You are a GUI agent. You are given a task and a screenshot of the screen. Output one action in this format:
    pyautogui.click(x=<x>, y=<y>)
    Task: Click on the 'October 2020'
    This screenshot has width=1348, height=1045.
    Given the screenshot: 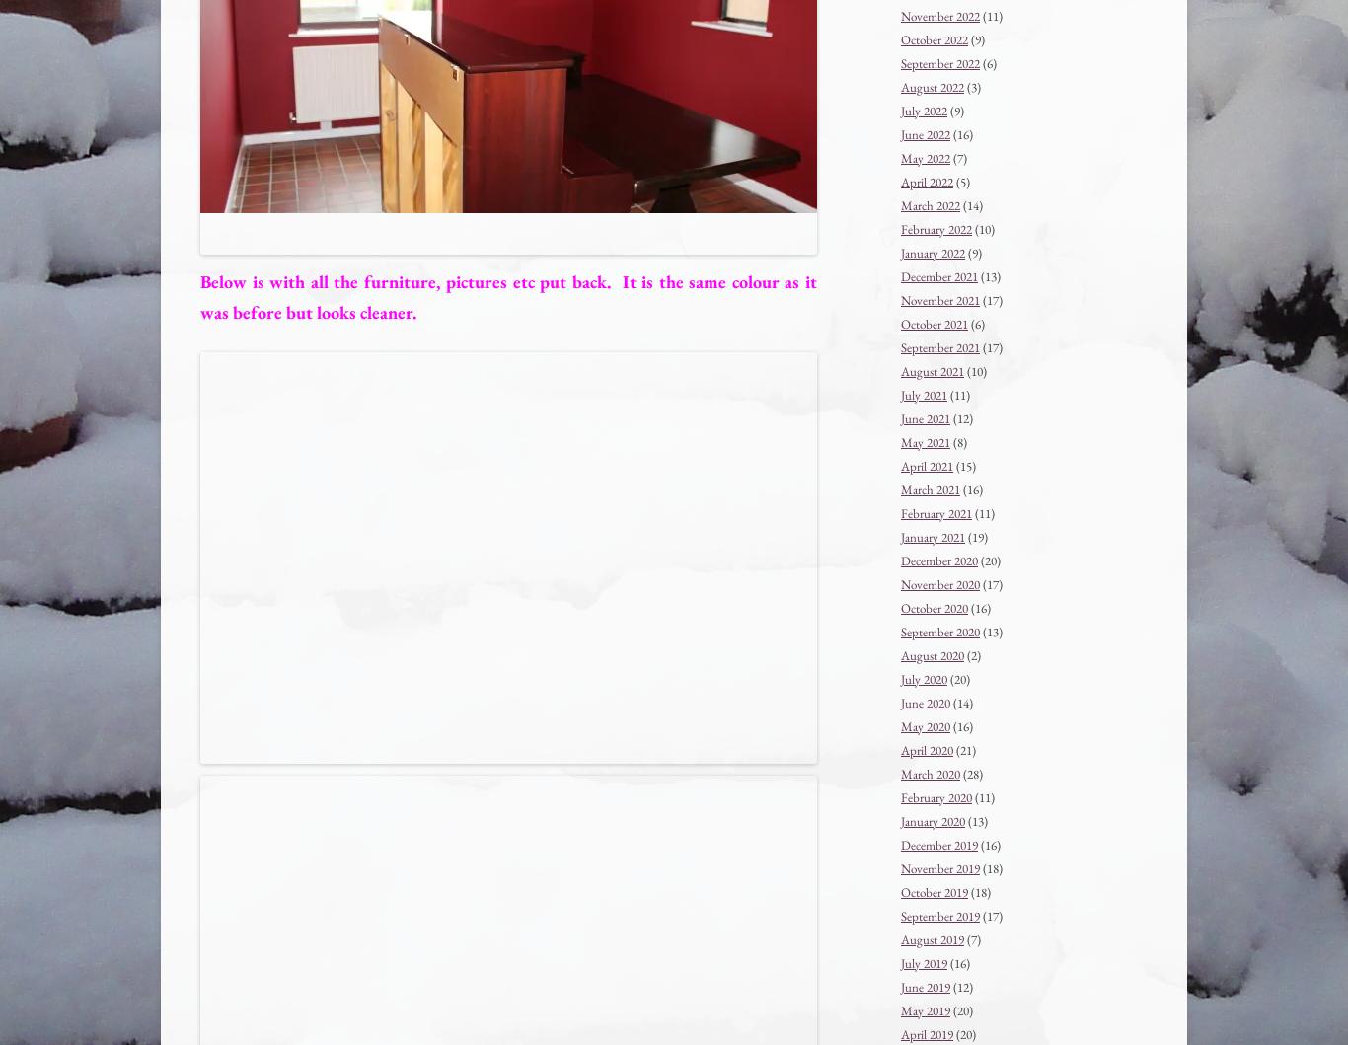 What is the action you would take?
    pyautogui.click(x=935, y=606)
    